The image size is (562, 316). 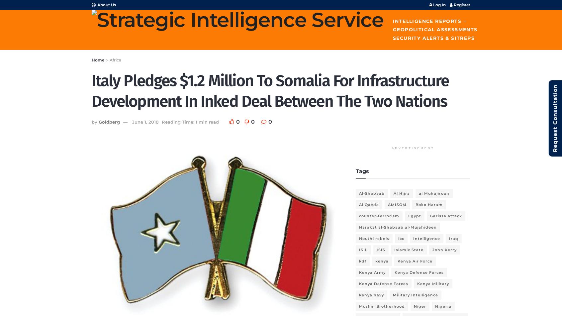 I want to click on 'John Kerry', so click(x=444, y=249).